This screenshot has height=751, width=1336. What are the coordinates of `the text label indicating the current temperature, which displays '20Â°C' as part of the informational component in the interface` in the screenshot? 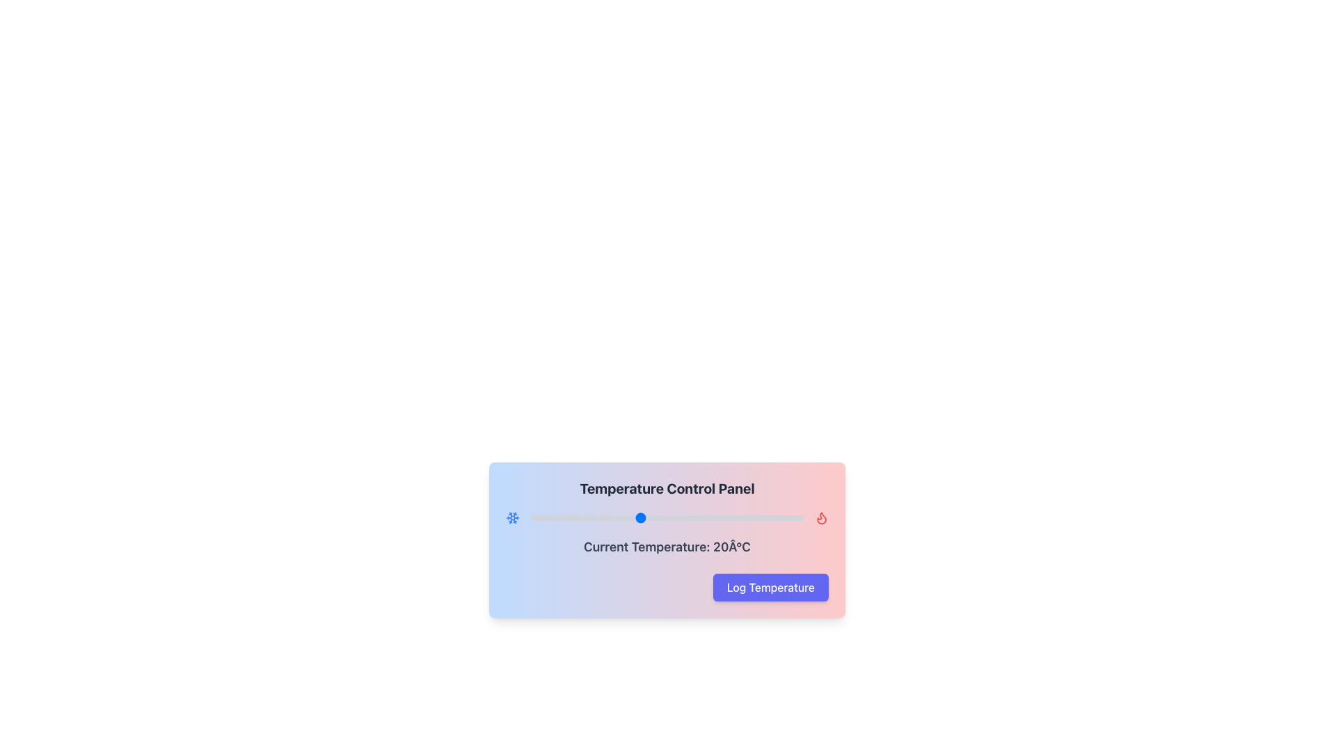 It's located at (731, 546).